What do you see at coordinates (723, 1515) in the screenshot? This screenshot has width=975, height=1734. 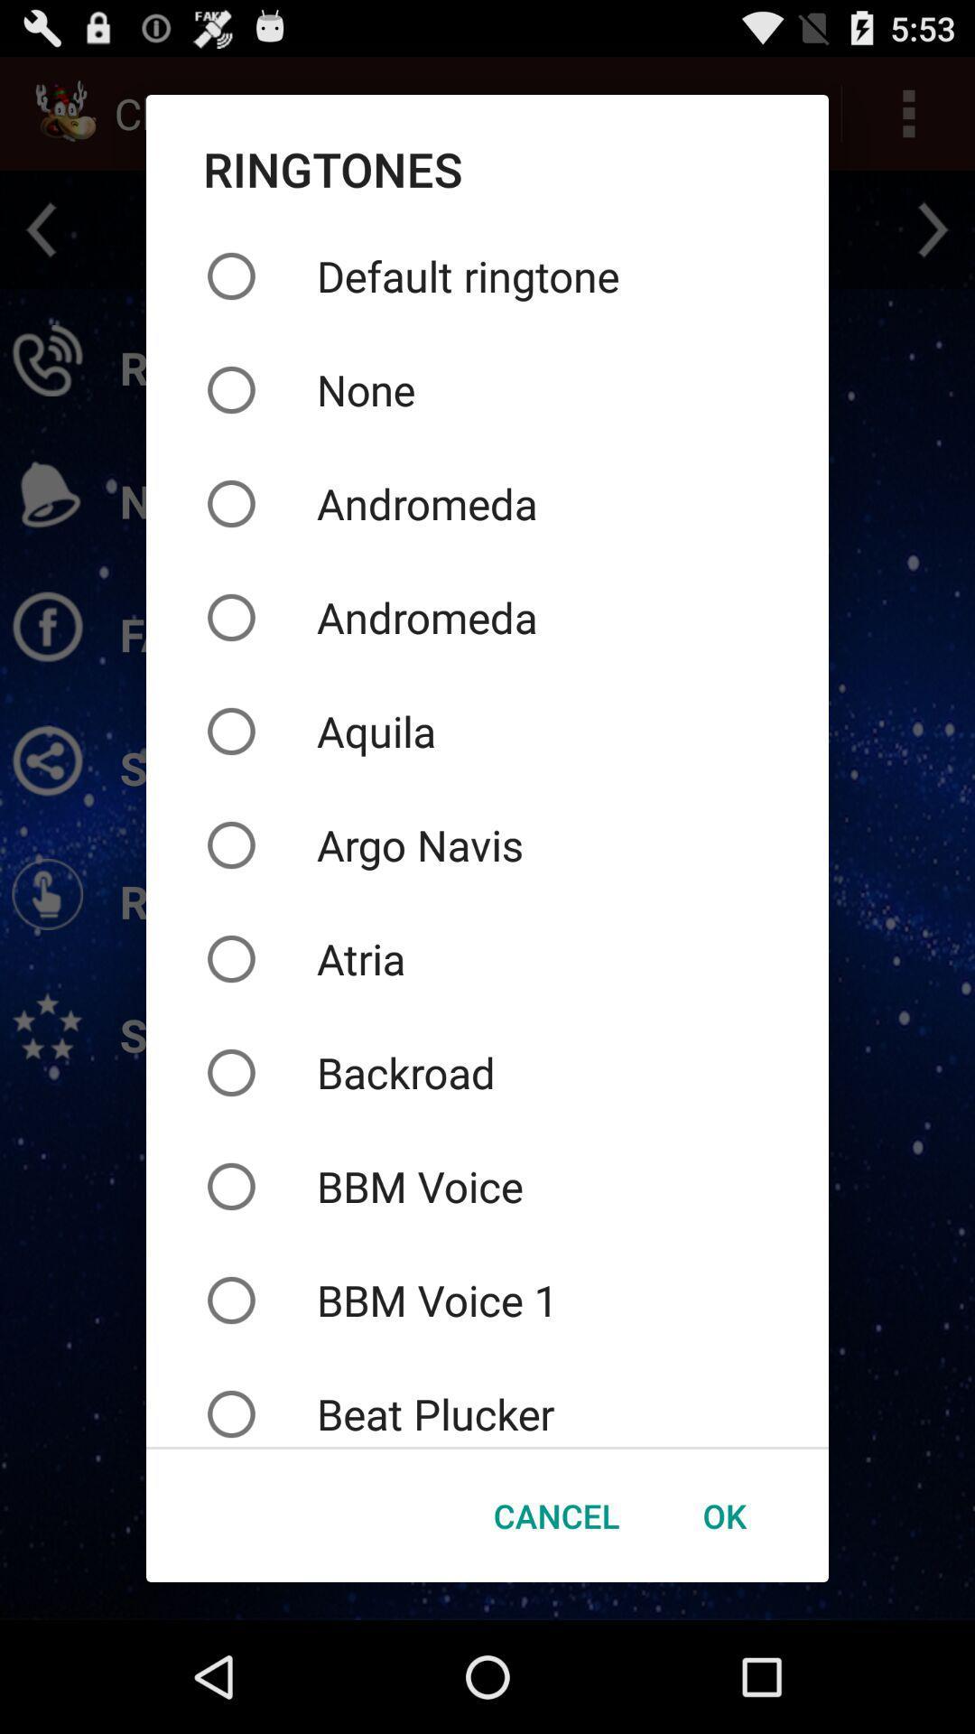 I see `the ok at the bottom right corner` at bounding box center [723, 1515].